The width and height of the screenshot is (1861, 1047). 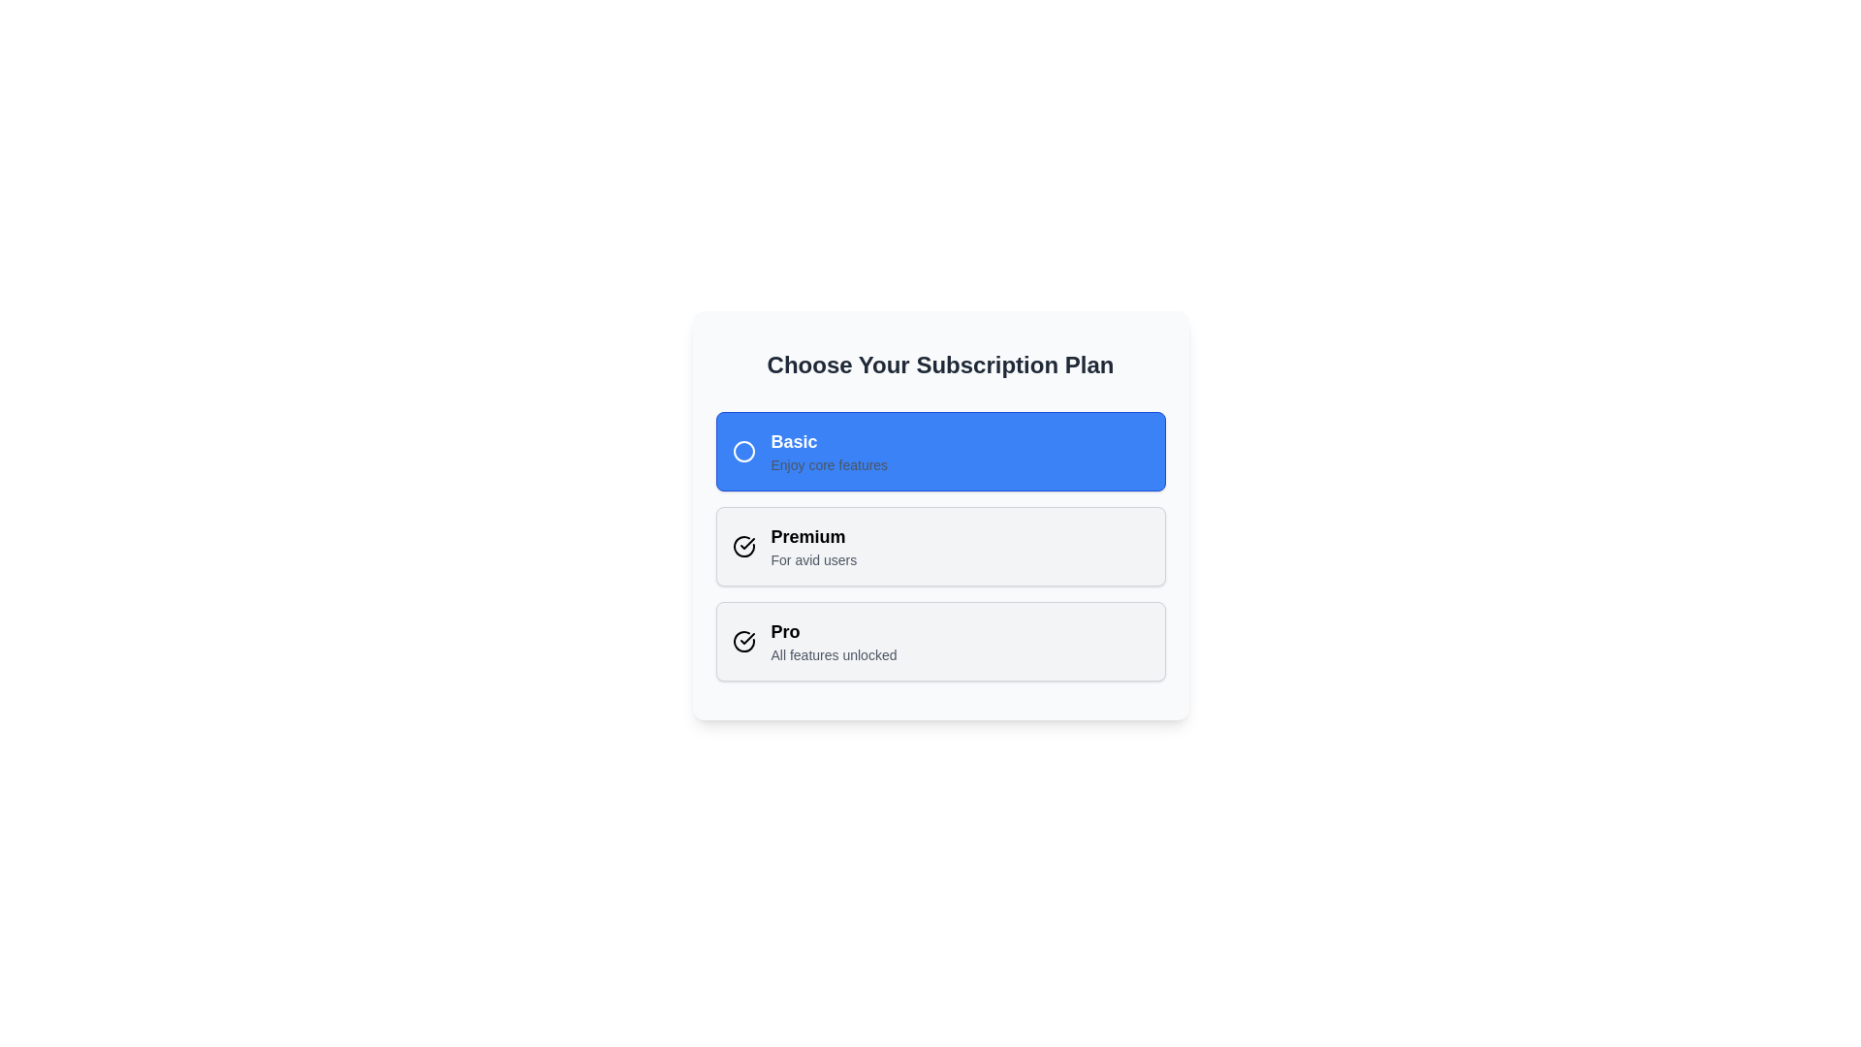 What do you see at coordinates (813, 537) in the screenshot?
I see `the 'Premium' subscription title label, which is positioned at the top of the subscription card, above the supplementary text 'For avid users'` at bounding box center [813, 537].